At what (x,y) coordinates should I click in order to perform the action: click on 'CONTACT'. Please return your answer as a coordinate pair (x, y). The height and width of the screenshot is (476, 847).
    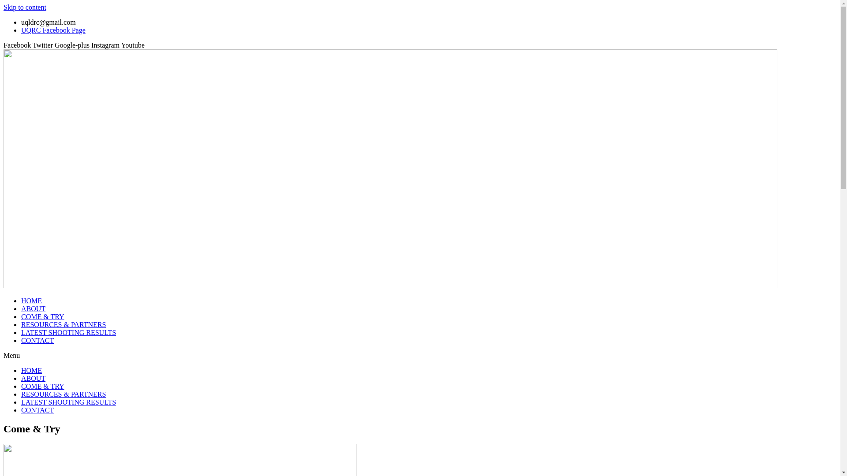
    Looking at the image, I should click on (37, 410).